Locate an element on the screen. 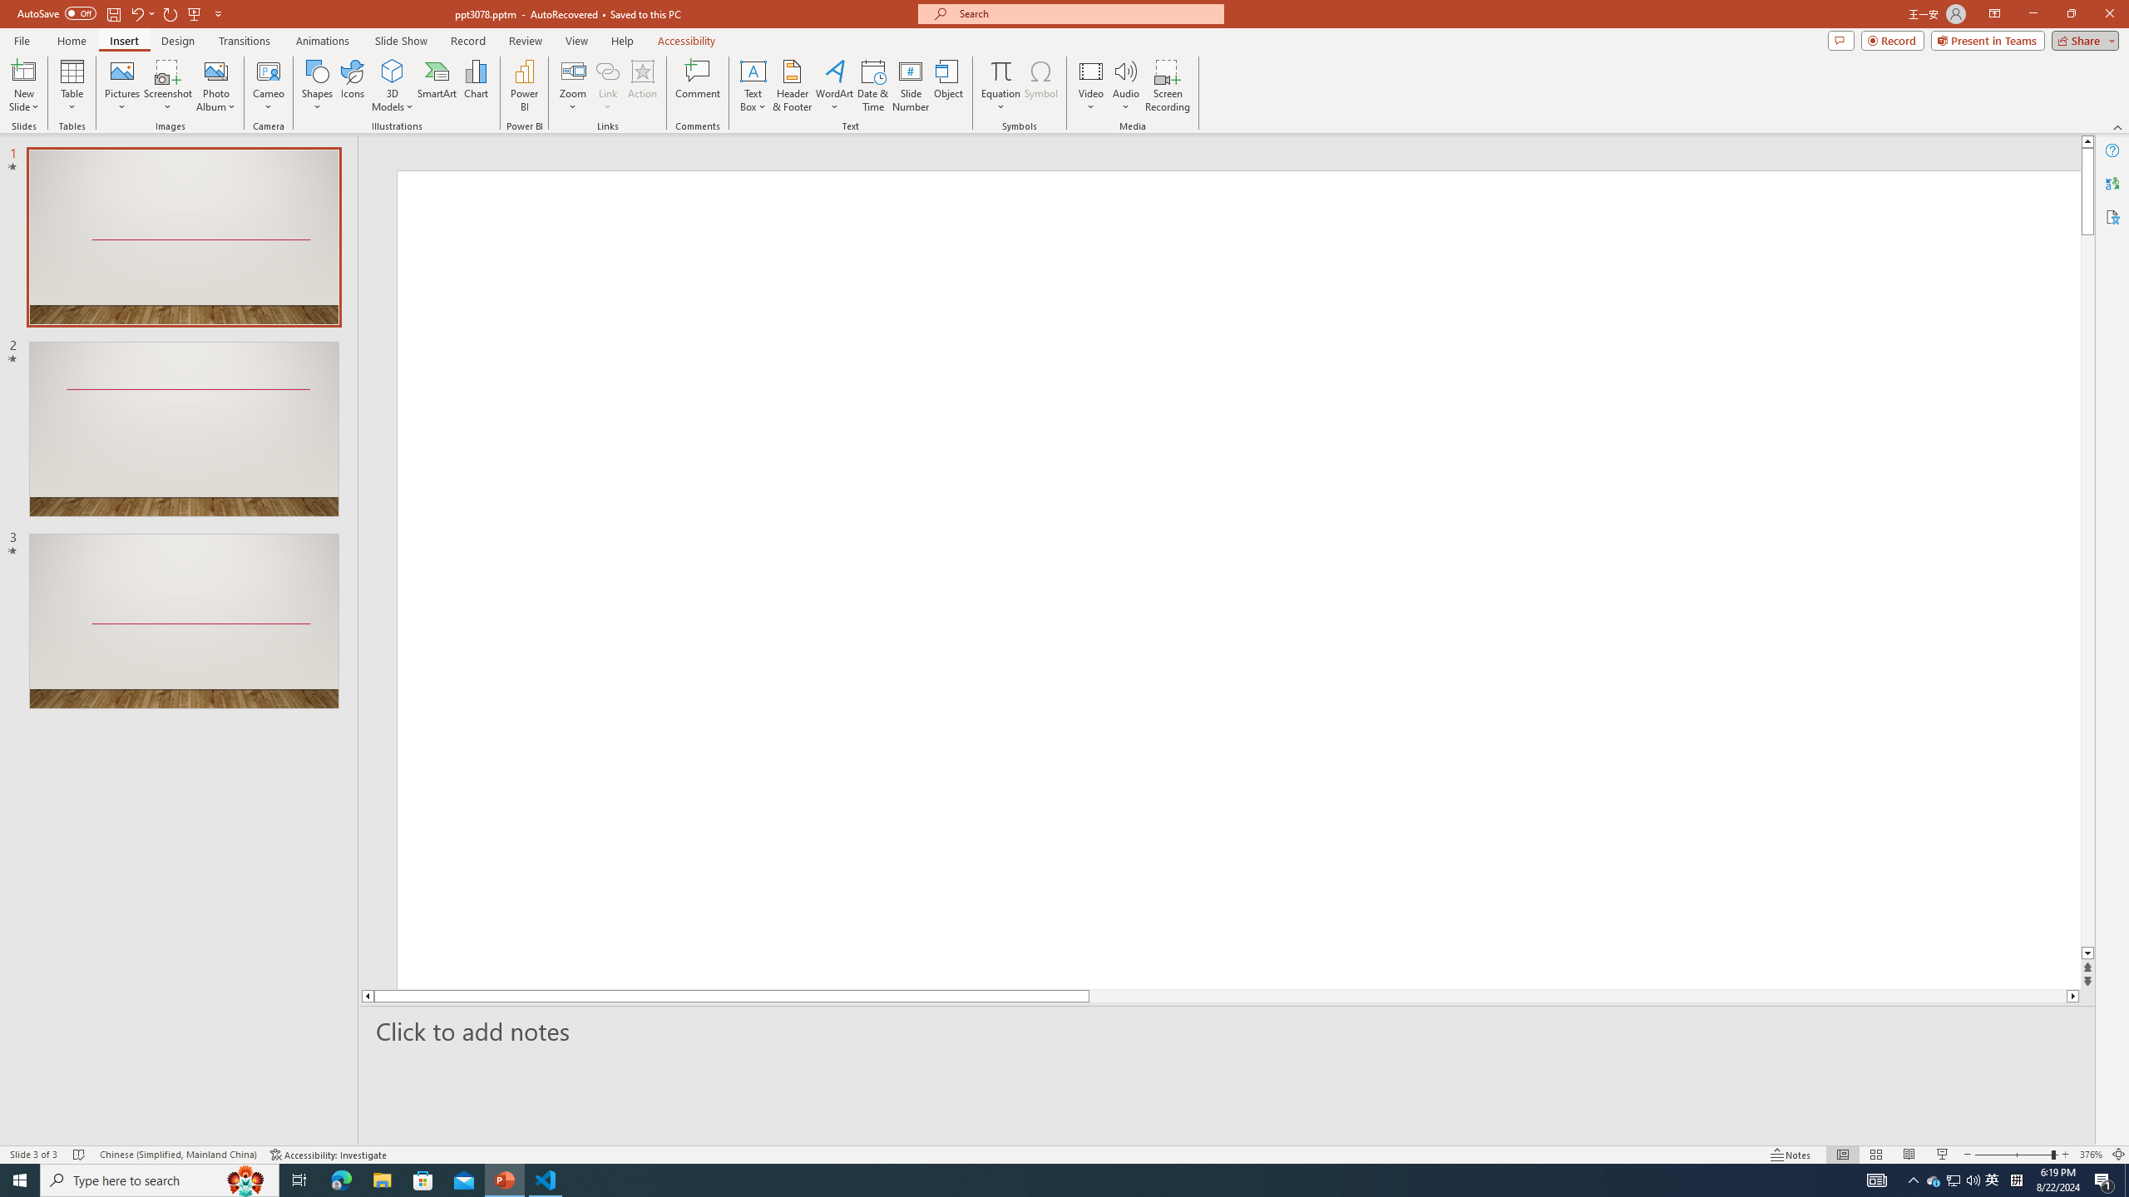  'Screen Recording...' is located at coordinates (1167, 86).